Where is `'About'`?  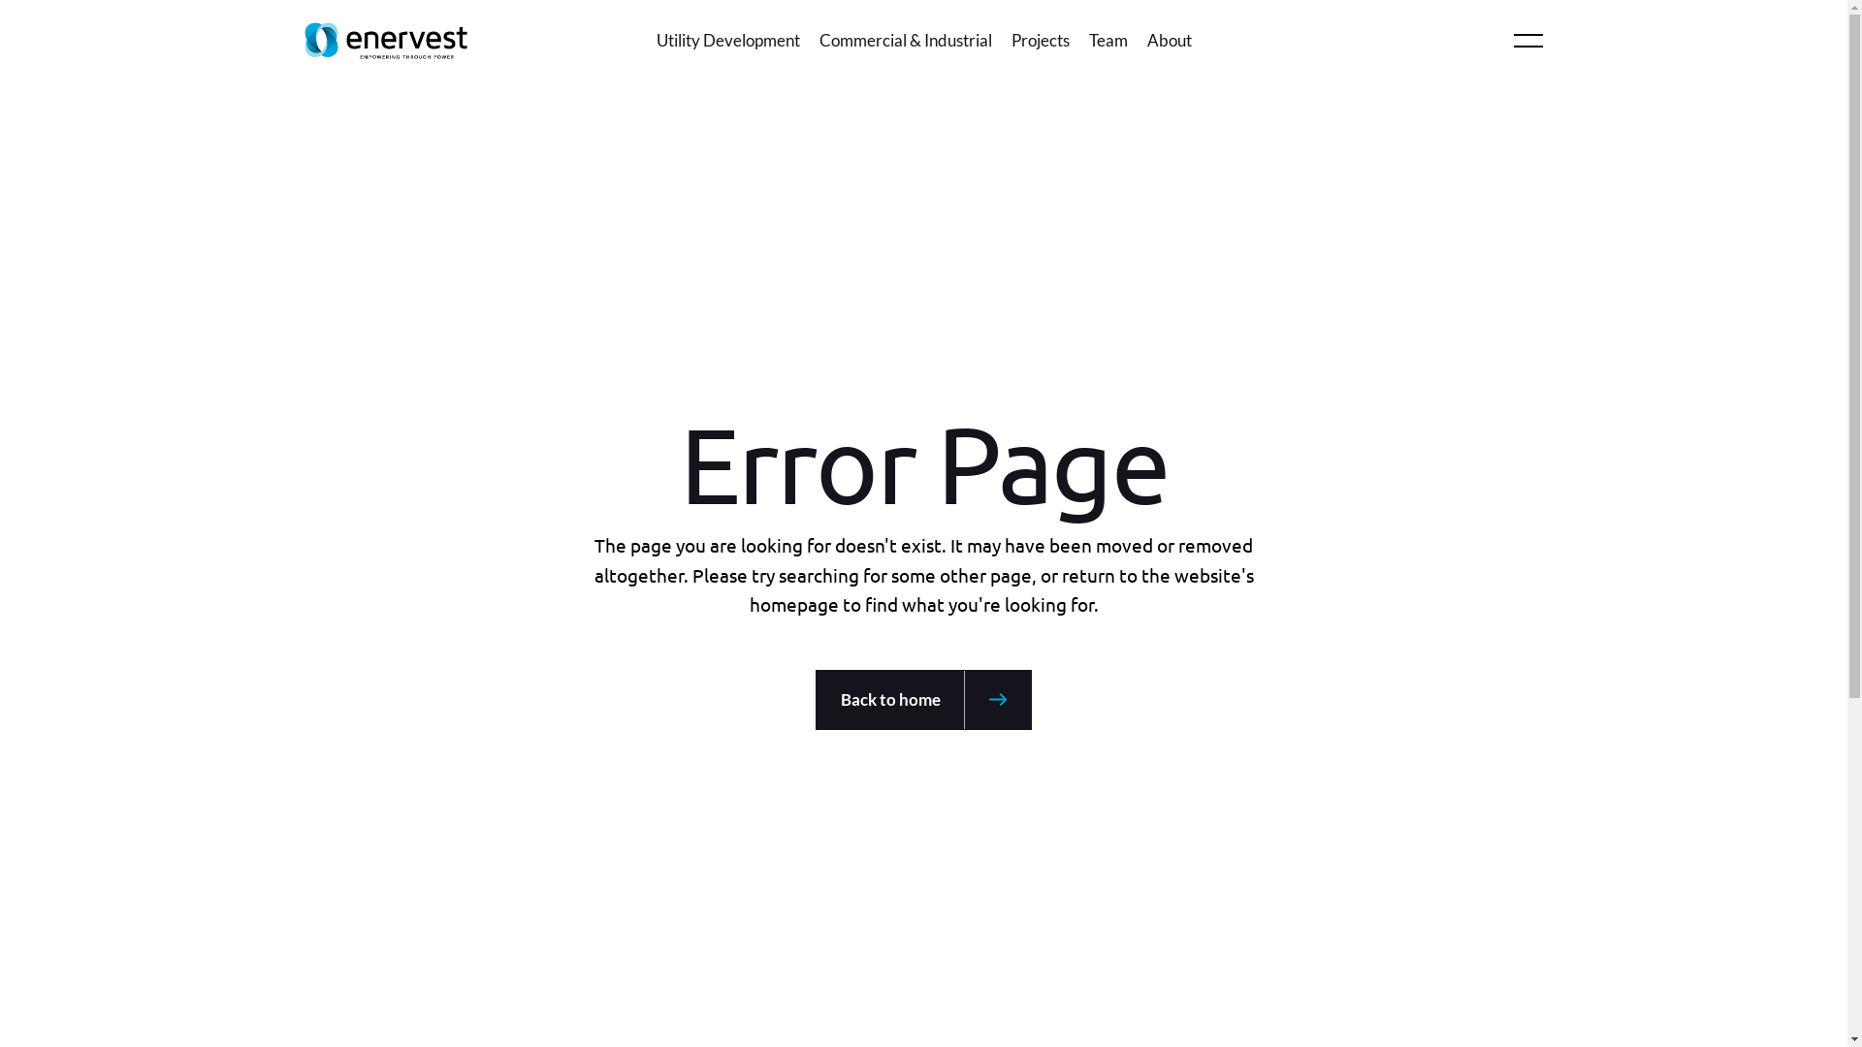
'About' is located at coordinates (1167, 41).